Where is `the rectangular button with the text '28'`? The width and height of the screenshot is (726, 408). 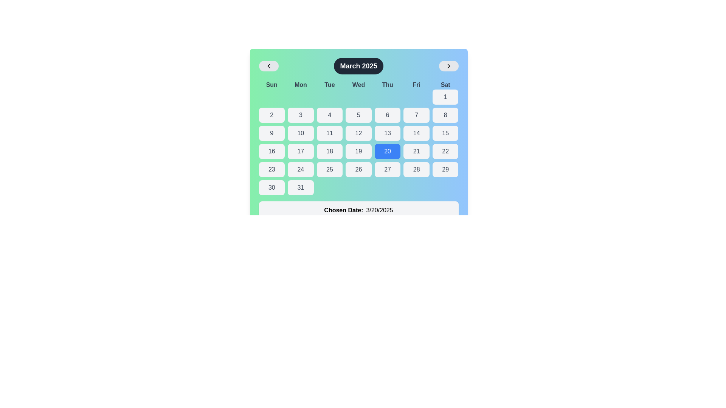
the rectangular button with the text '28' is located at coordinates (416, 169).